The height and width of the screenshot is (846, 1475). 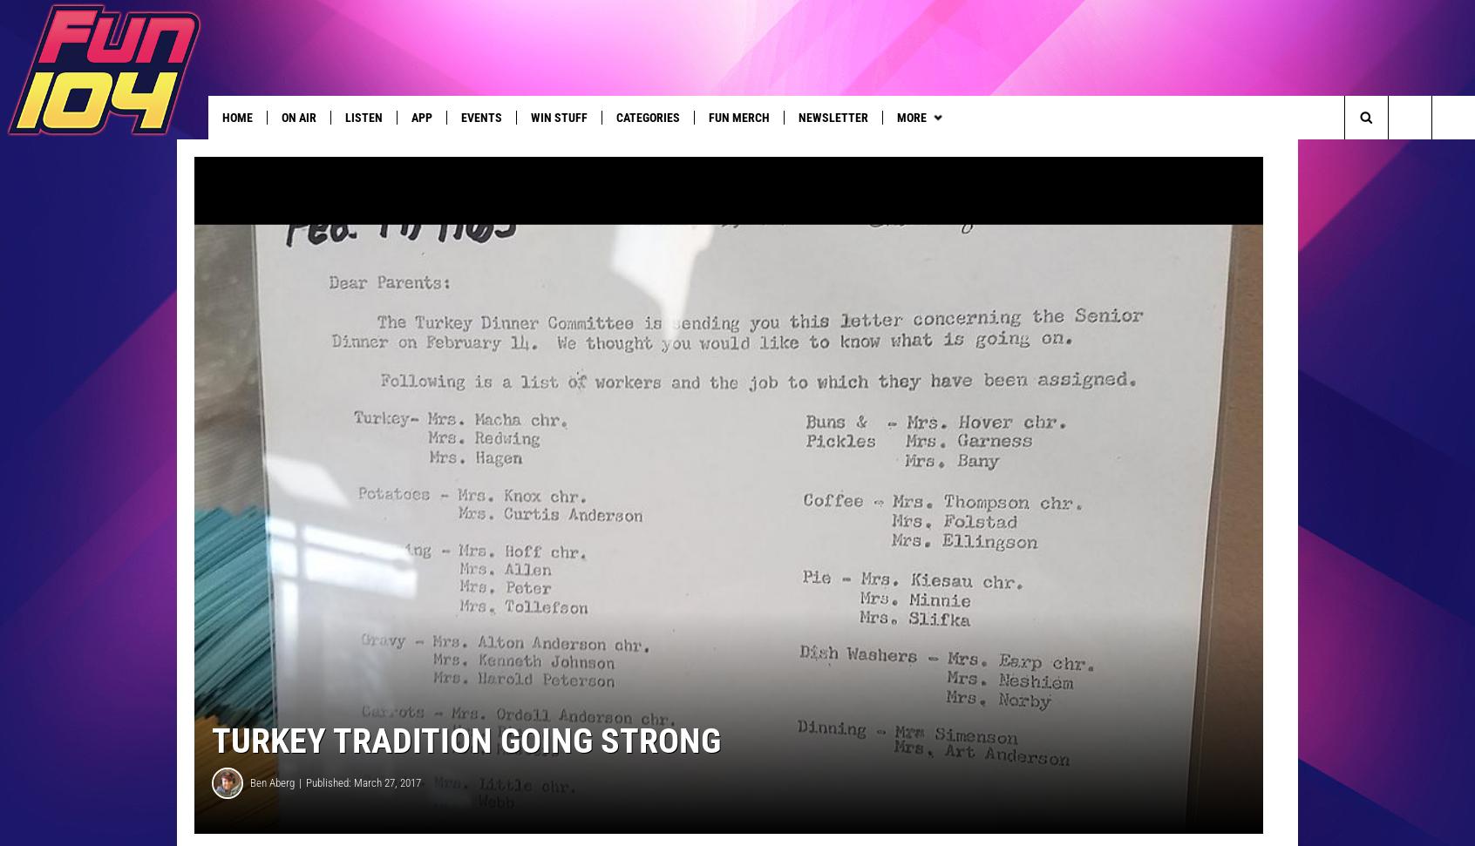 I want to click on 'Good News', so click(x=364, y=152).